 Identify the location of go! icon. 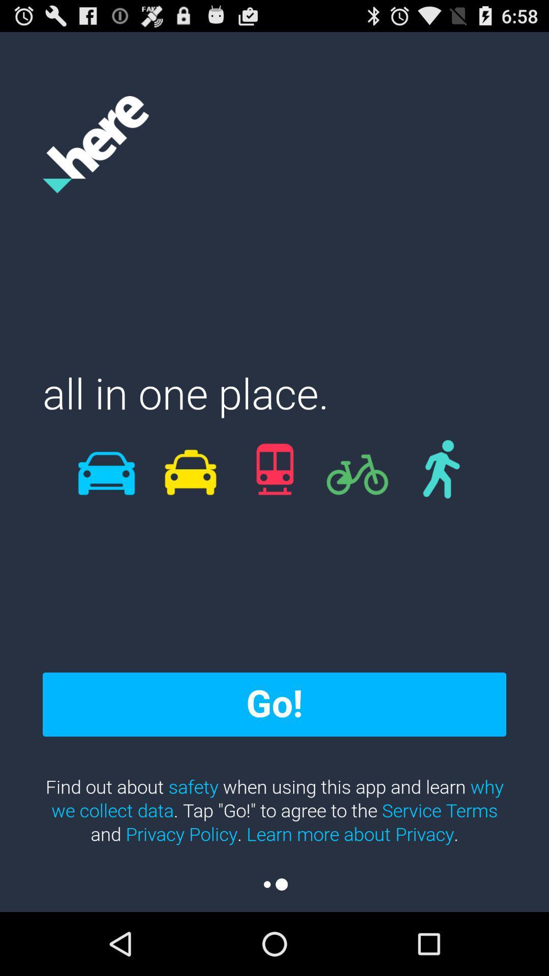
(274, 704).